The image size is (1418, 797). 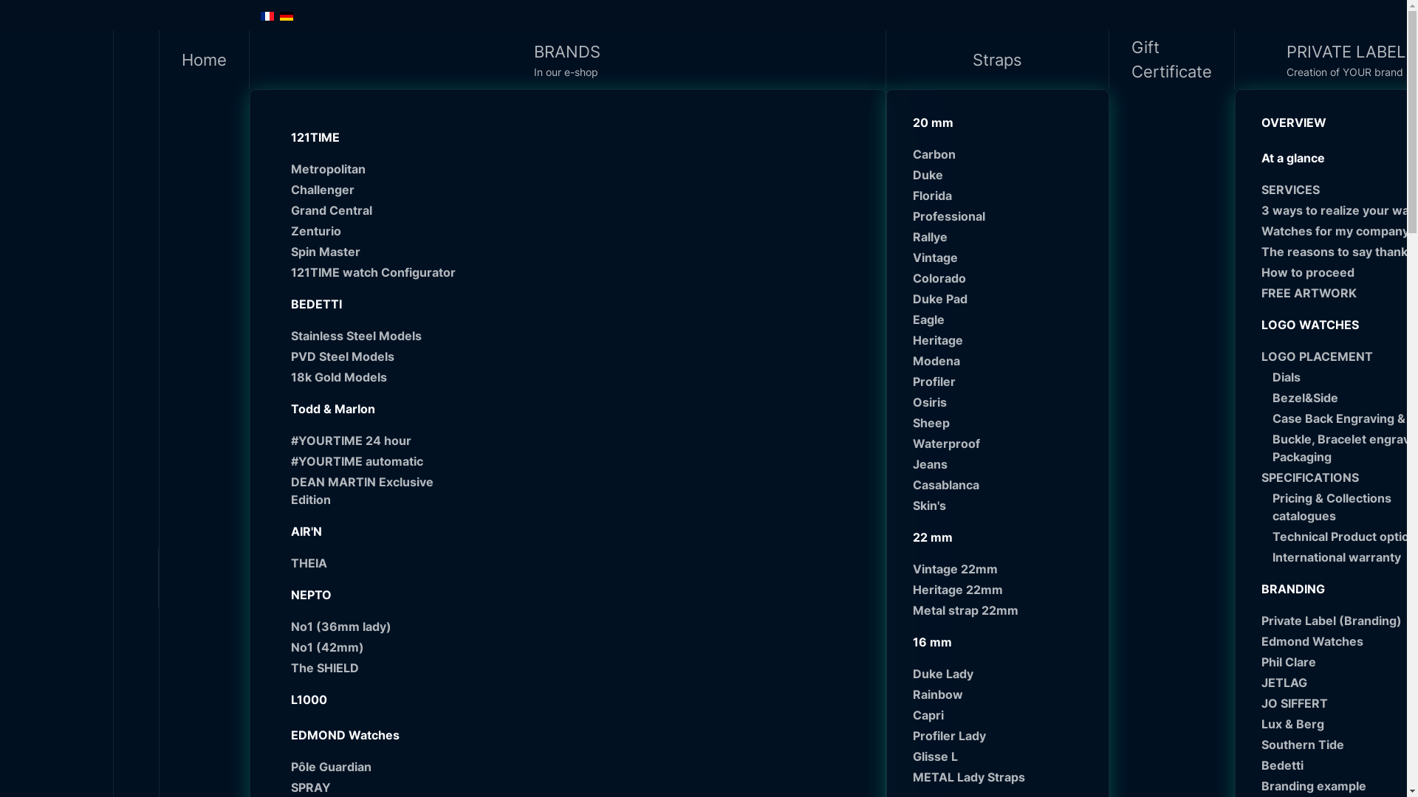 I want to click on 'THEIA', so click(x=290, y=563).